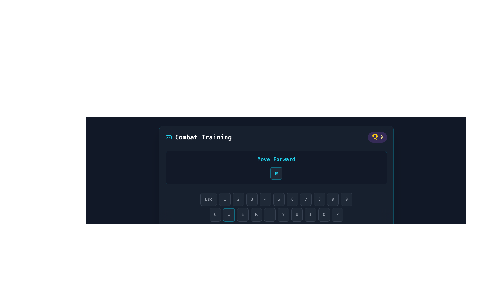 This screenshot has height=283, width=503. Describe the element at coordinates (229, 215) in the screenshot. I see `the rectangular button labeled 'W' with a dark gray background and cyan blue border, located between the buttons 'Q' and 'E'` at that location.